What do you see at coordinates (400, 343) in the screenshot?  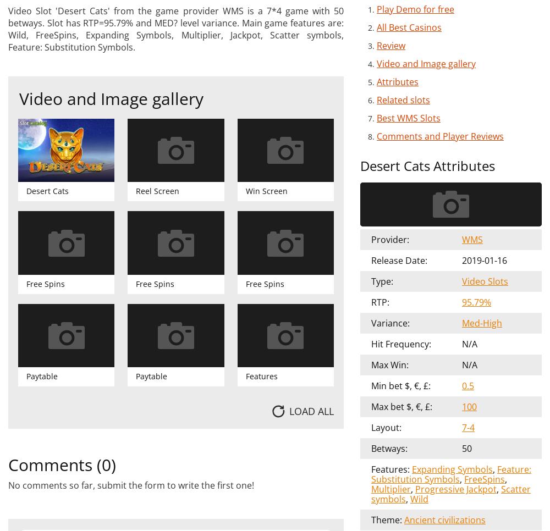 I see `'Hit Frequency:'` at bounding box center [400, 343].